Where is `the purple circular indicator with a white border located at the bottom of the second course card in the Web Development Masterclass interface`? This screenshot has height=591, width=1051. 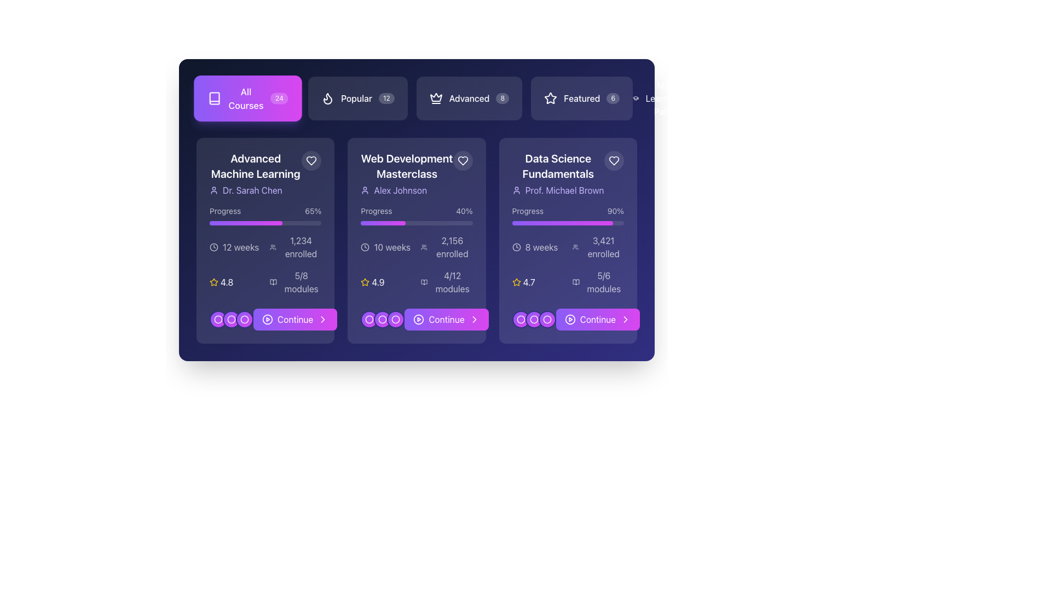 the purple circular indicator with a white border located at the bottom of the second course card in the Web Development Masterclass interface is located at coordinates (369, 319).